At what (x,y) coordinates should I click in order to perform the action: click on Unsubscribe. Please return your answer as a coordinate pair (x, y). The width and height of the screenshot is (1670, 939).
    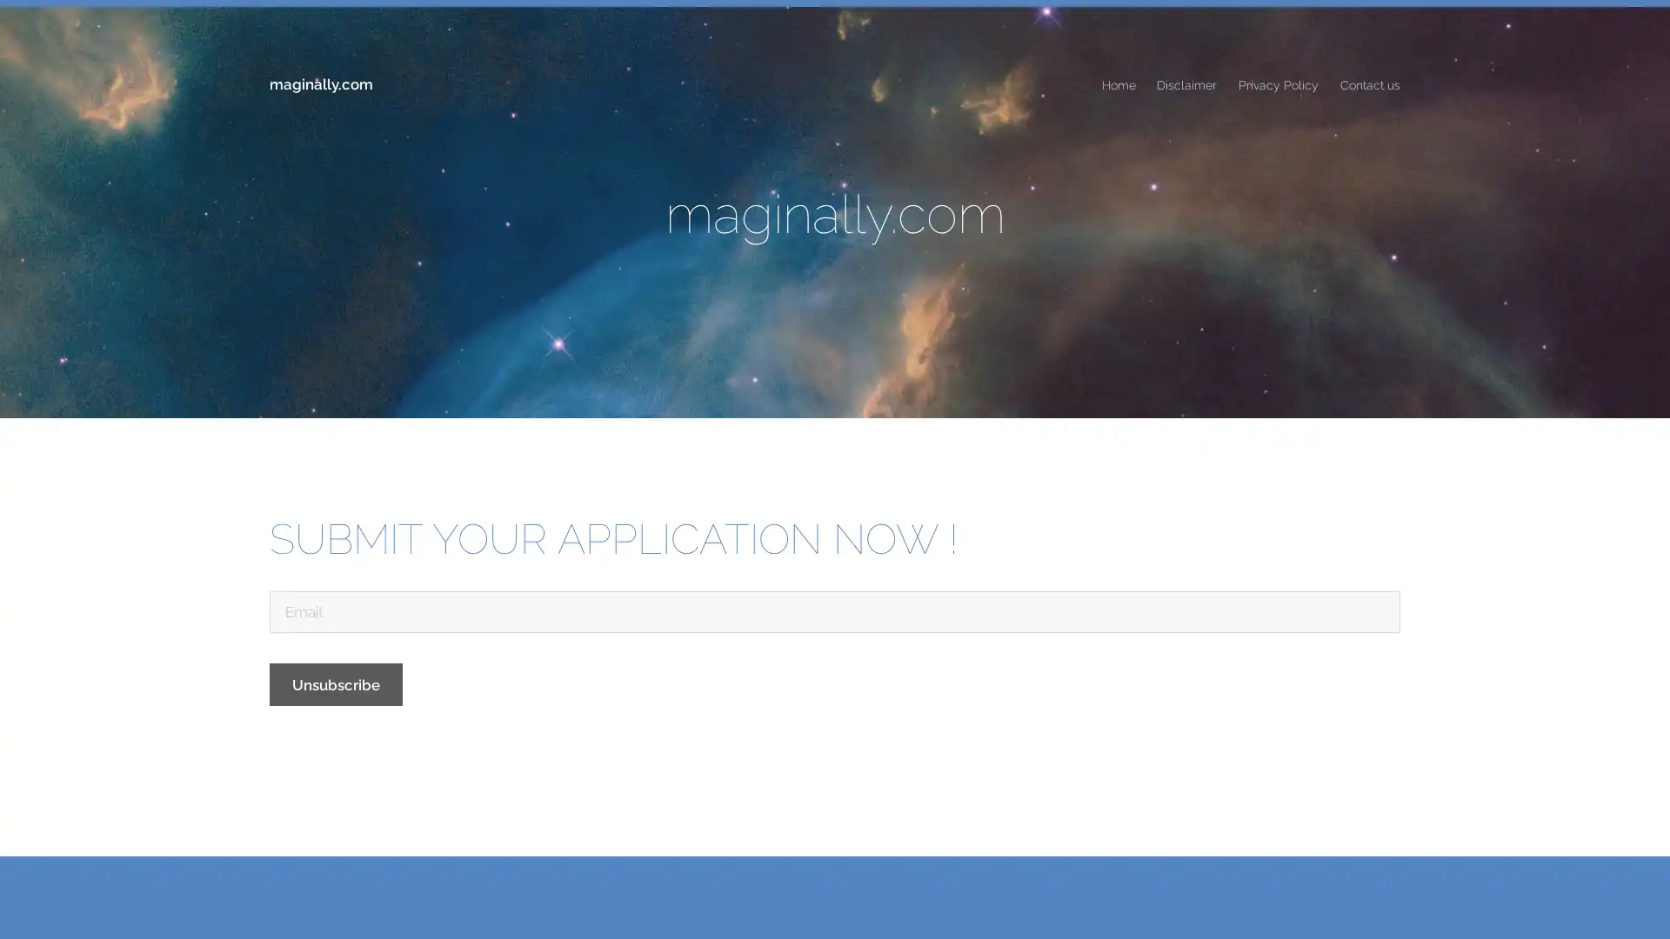
    Looking at the image, I should click on (336, 683).